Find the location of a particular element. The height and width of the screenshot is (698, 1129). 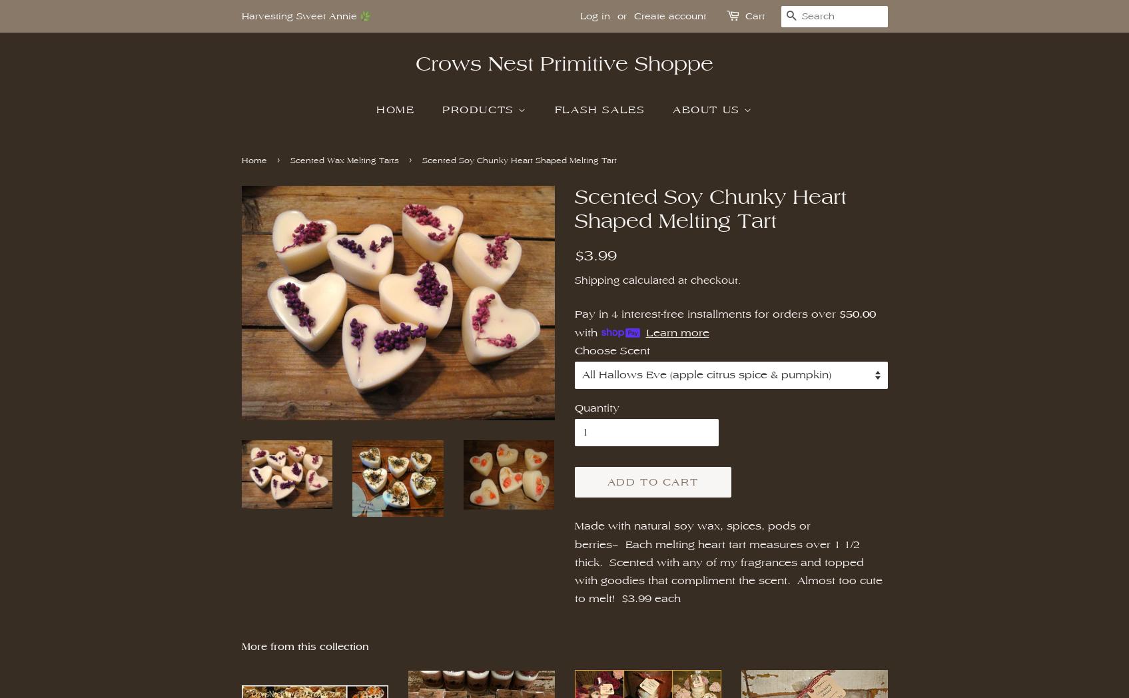

'Wooden Wares' is located at coordinates (761, 358).